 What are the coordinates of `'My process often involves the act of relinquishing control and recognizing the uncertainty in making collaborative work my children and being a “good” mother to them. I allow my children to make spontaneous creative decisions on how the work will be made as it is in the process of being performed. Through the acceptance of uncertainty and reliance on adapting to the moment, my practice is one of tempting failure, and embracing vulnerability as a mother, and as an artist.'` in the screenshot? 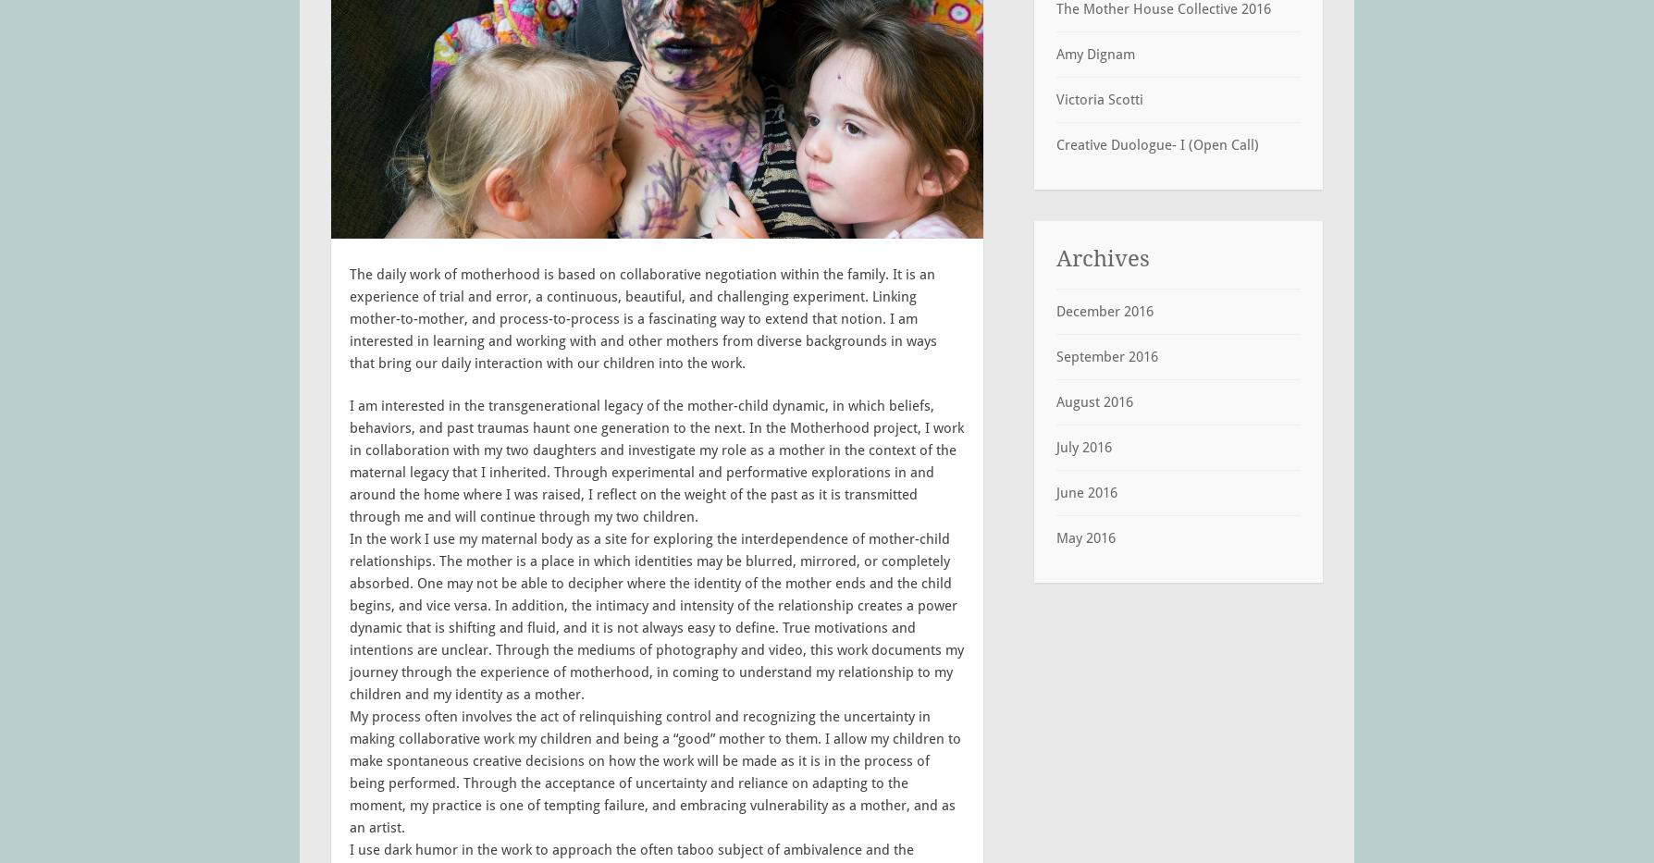 It's located at (348, 771).